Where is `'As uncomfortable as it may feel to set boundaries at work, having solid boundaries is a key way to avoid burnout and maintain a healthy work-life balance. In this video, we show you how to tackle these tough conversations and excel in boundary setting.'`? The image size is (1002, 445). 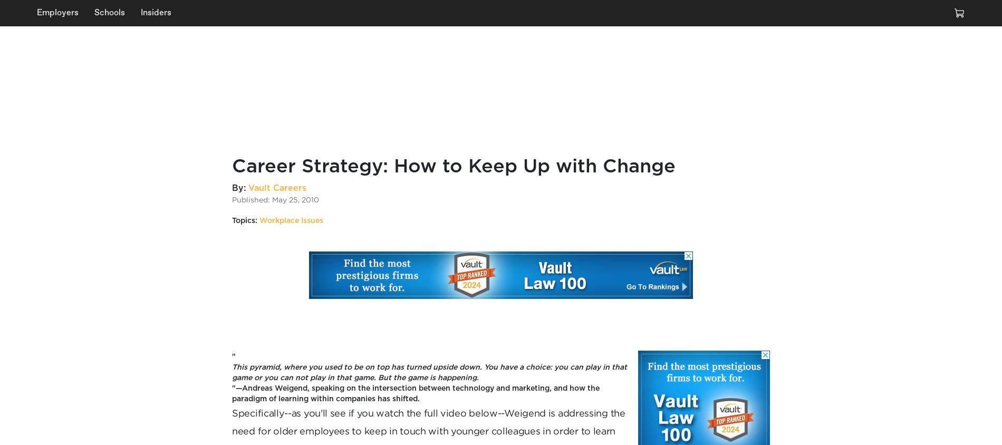 'As uncomfortable as it may feel to set boundaries at work, having solid boundaries is a key way to avoid burnout and maintain a healthy work-life balance. In this video, we show you how to tackle these tough conversations and excel in boundary setting.' is located at coordinates (610, 111).